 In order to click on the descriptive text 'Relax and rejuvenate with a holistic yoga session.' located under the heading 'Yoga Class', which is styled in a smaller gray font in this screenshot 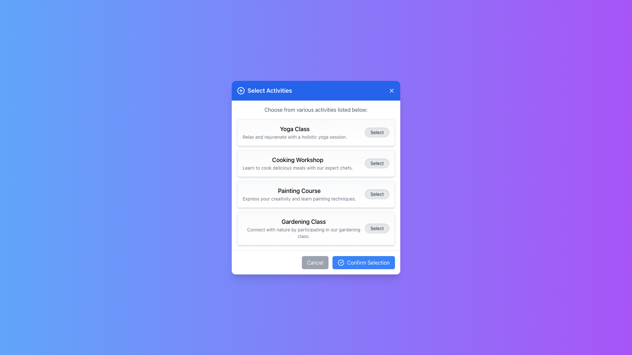, I will do `click(294, 136)`.